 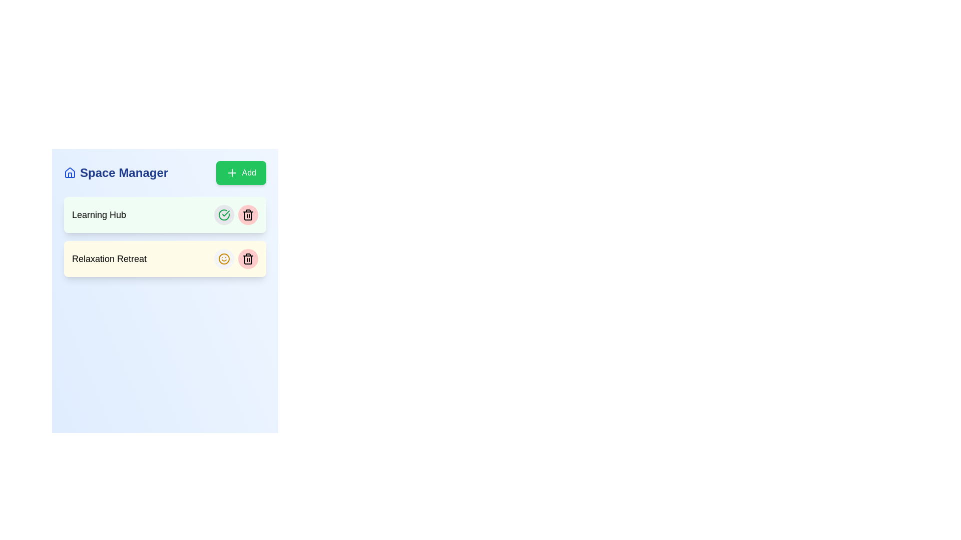 I want to click on the trash can icon, which represents the delete function within the second card in the vertical list, so click(x=248, y=258).